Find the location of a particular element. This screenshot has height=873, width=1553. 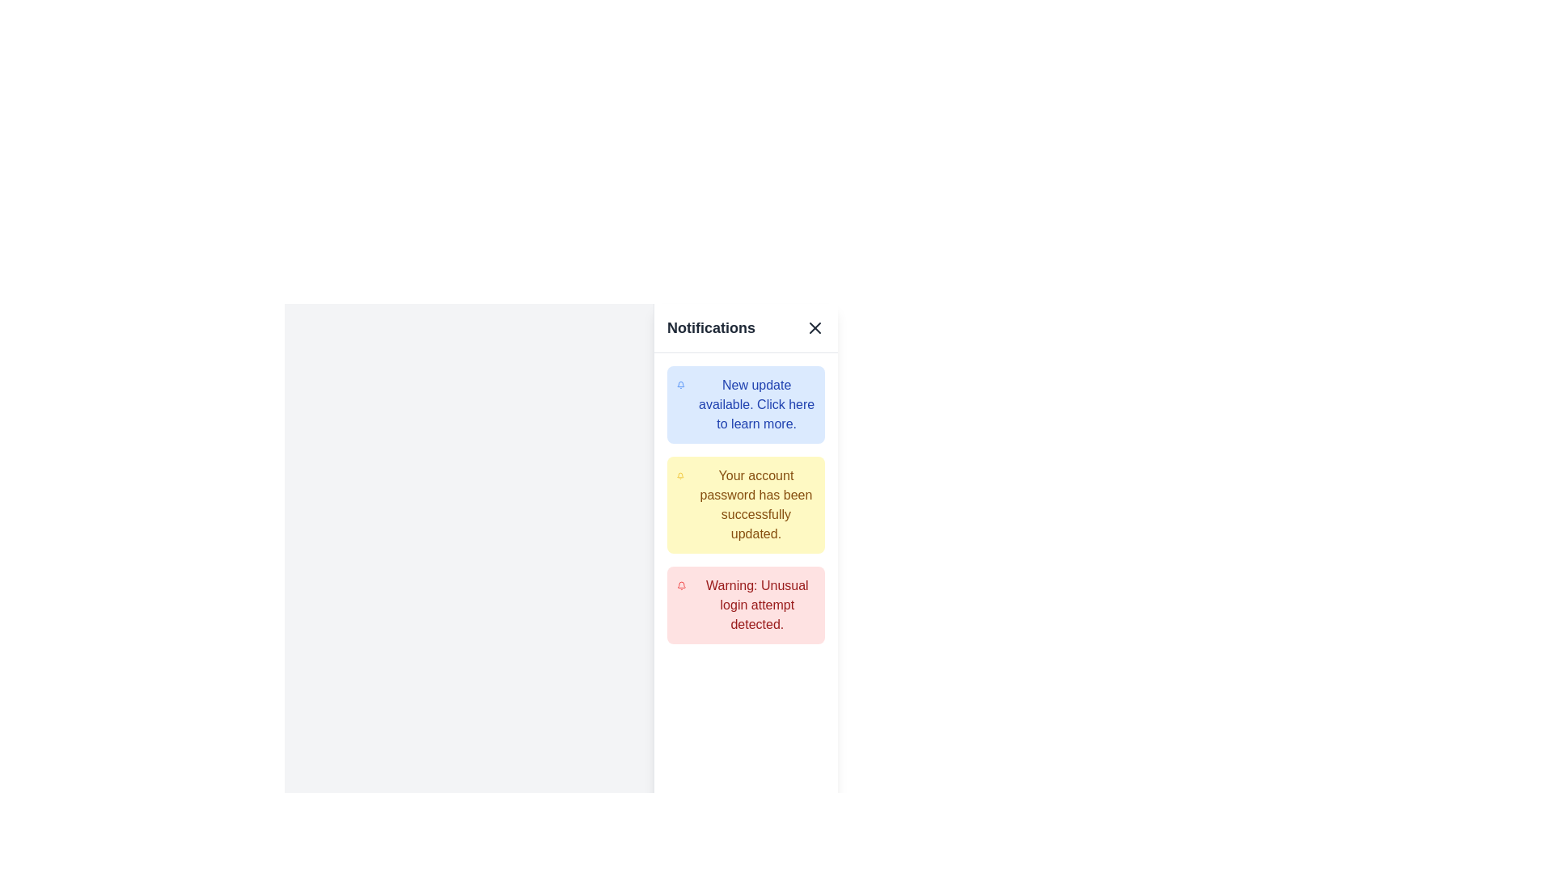

the text label that displays 'Your account password has been successfully updated.' which is positioned between a blue and a red notification box is located at coordinates (755, 504).